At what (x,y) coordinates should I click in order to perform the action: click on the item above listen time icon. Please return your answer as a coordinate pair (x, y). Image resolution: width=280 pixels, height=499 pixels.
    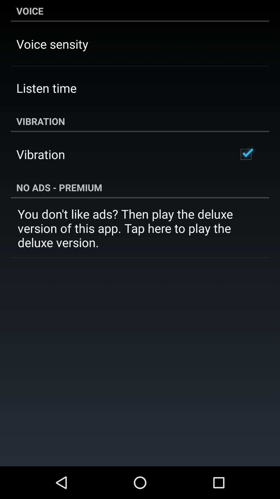
    Looking at the image, I should click on (52, 44).